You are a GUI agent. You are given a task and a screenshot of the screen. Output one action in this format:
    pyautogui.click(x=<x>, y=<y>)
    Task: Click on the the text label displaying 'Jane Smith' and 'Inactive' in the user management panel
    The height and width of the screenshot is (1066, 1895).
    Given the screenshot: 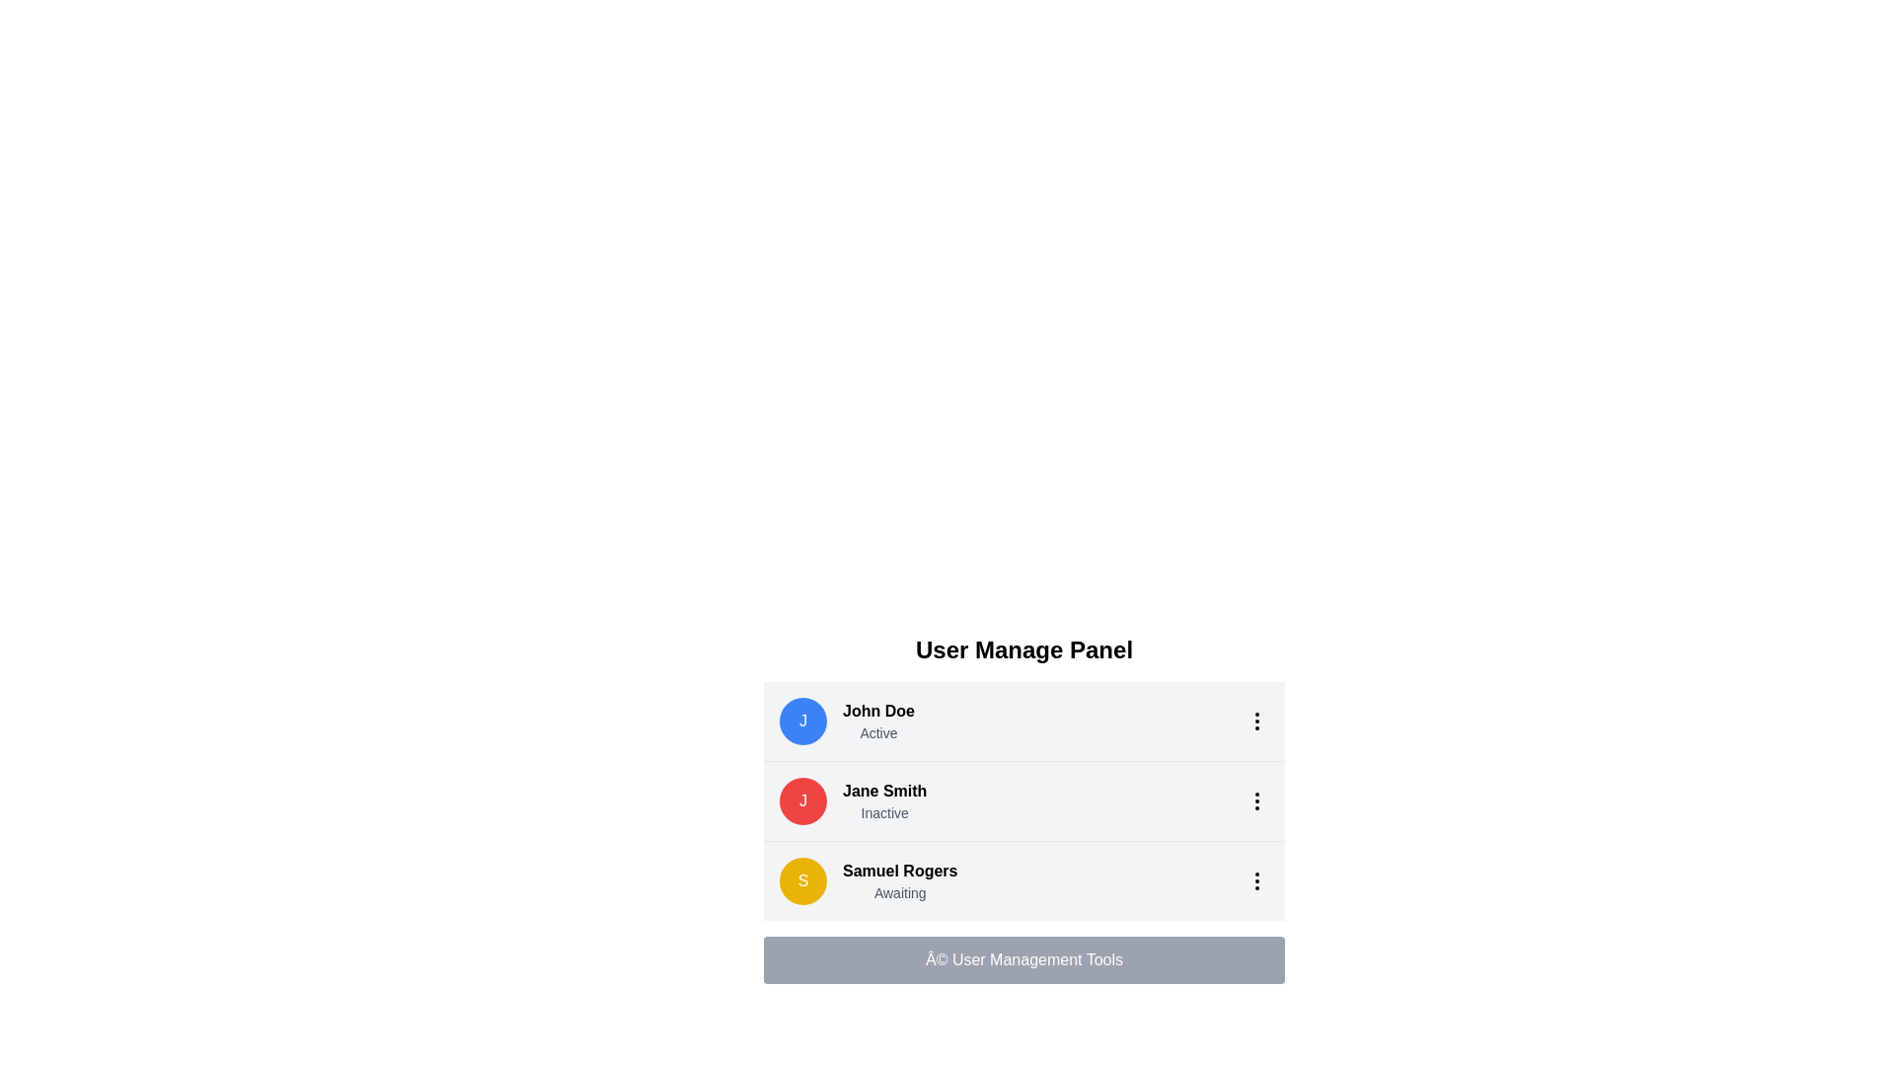 What is the action you would take?
    pyautogui.click(x=883, y=801)
    